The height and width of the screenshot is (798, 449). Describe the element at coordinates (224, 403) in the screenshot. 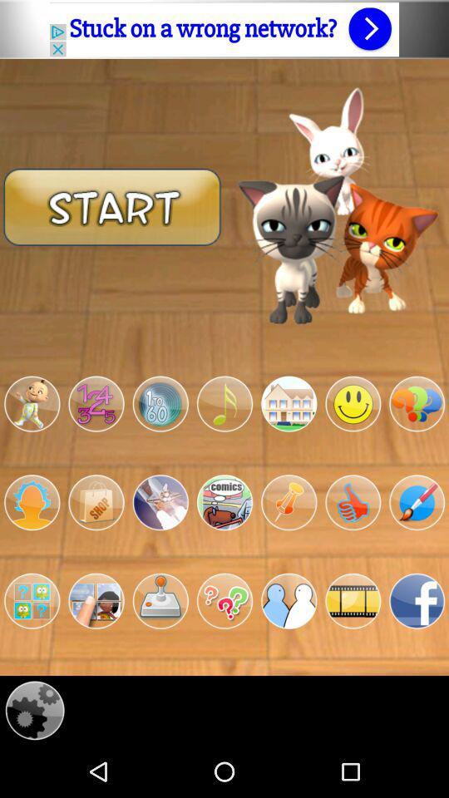

I see `music` at that location.